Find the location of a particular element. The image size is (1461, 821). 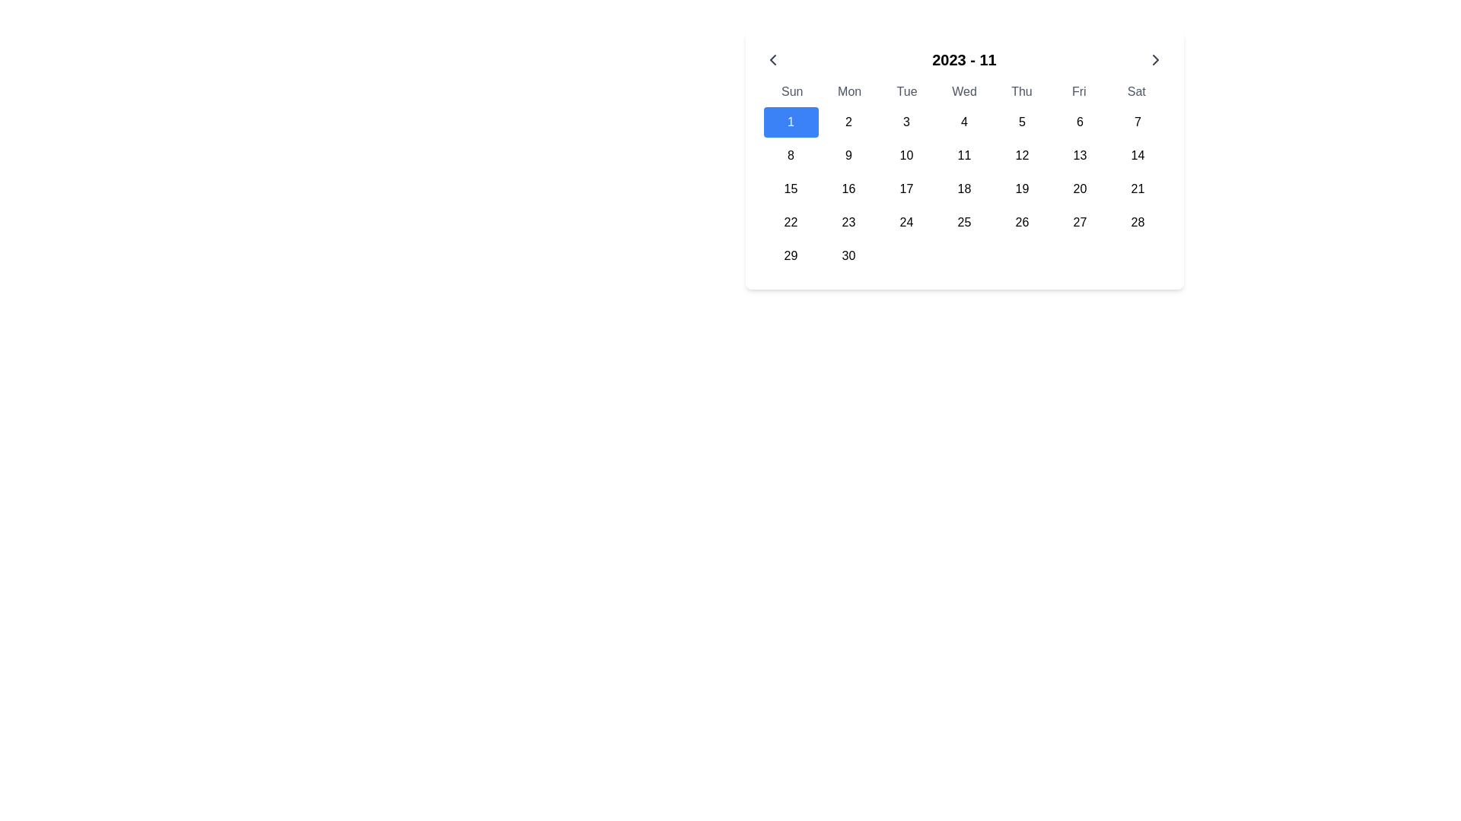

the calendar button representing the date '21' is located at coordinates (1138, 189).